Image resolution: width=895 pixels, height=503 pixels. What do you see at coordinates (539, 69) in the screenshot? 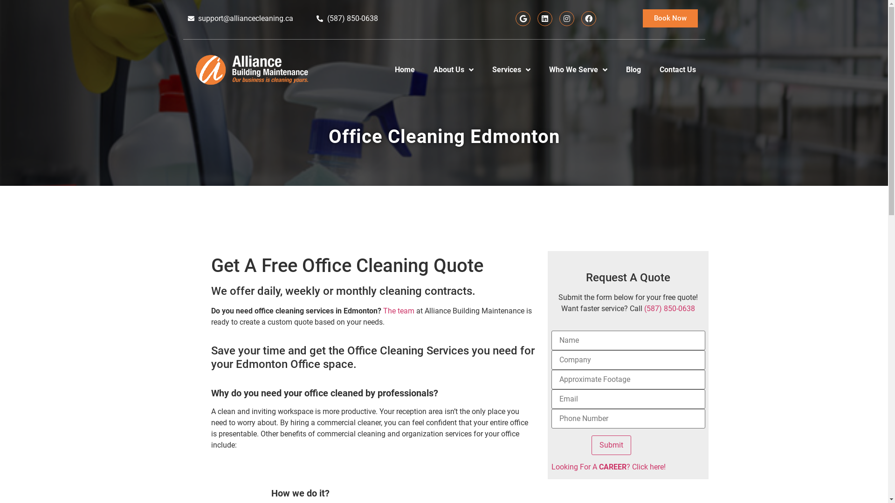
I see `'Who We Serve'` at bounding box center [539, 69].